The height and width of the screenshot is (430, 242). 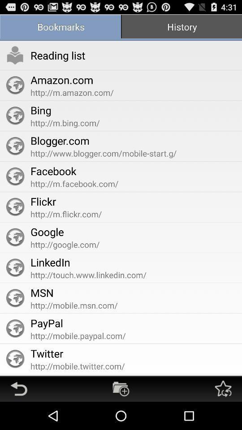 I want to click on item next to the bookmarks, so click(x=181, y=27).